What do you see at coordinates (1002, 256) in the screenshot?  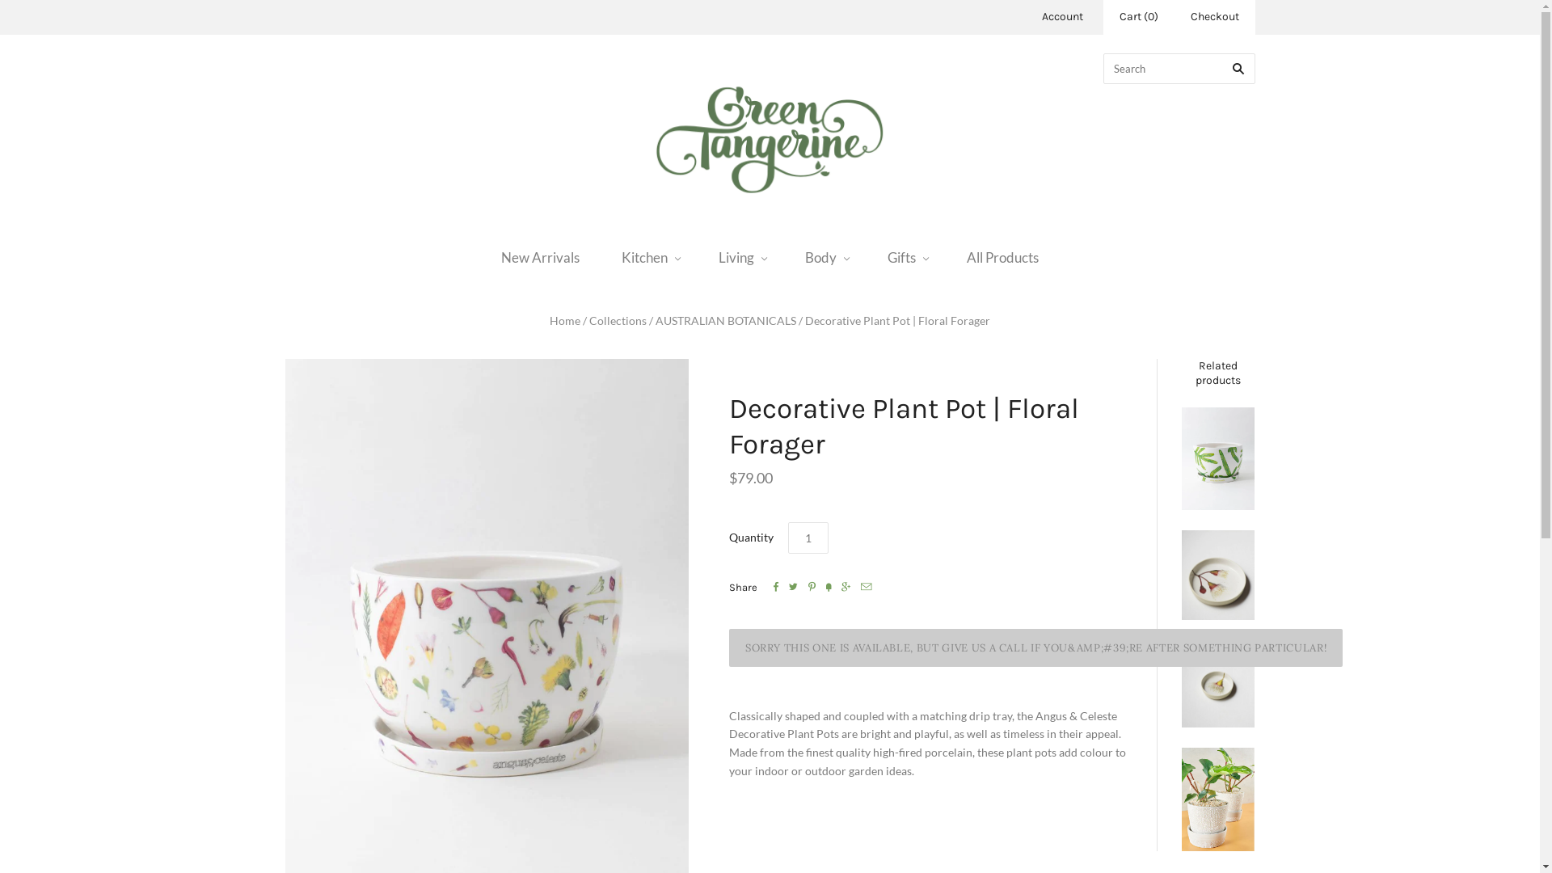 I see `'All Products'` at bounding box center [1002, 256].